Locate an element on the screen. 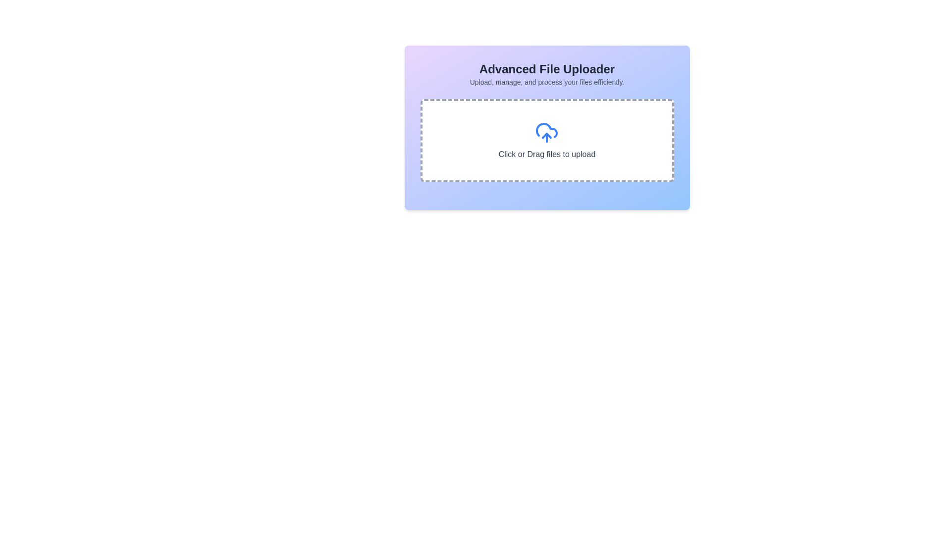 The width and height of the screenshot is (951, 535). the blue upload icon, which is a graphical depiction of an upward-pointing arrow inside a cloud, located at the center of a dashed-bordered rectangular area is located at coordinates (546, 135).